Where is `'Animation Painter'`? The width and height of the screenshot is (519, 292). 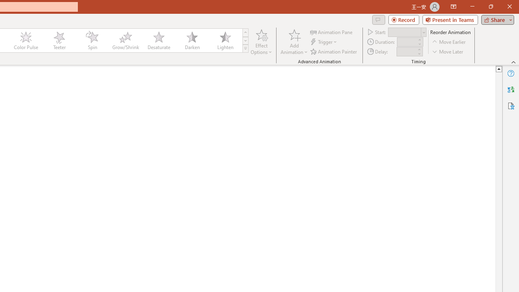
'Animation Painter' is located at coordinates (334, 52).